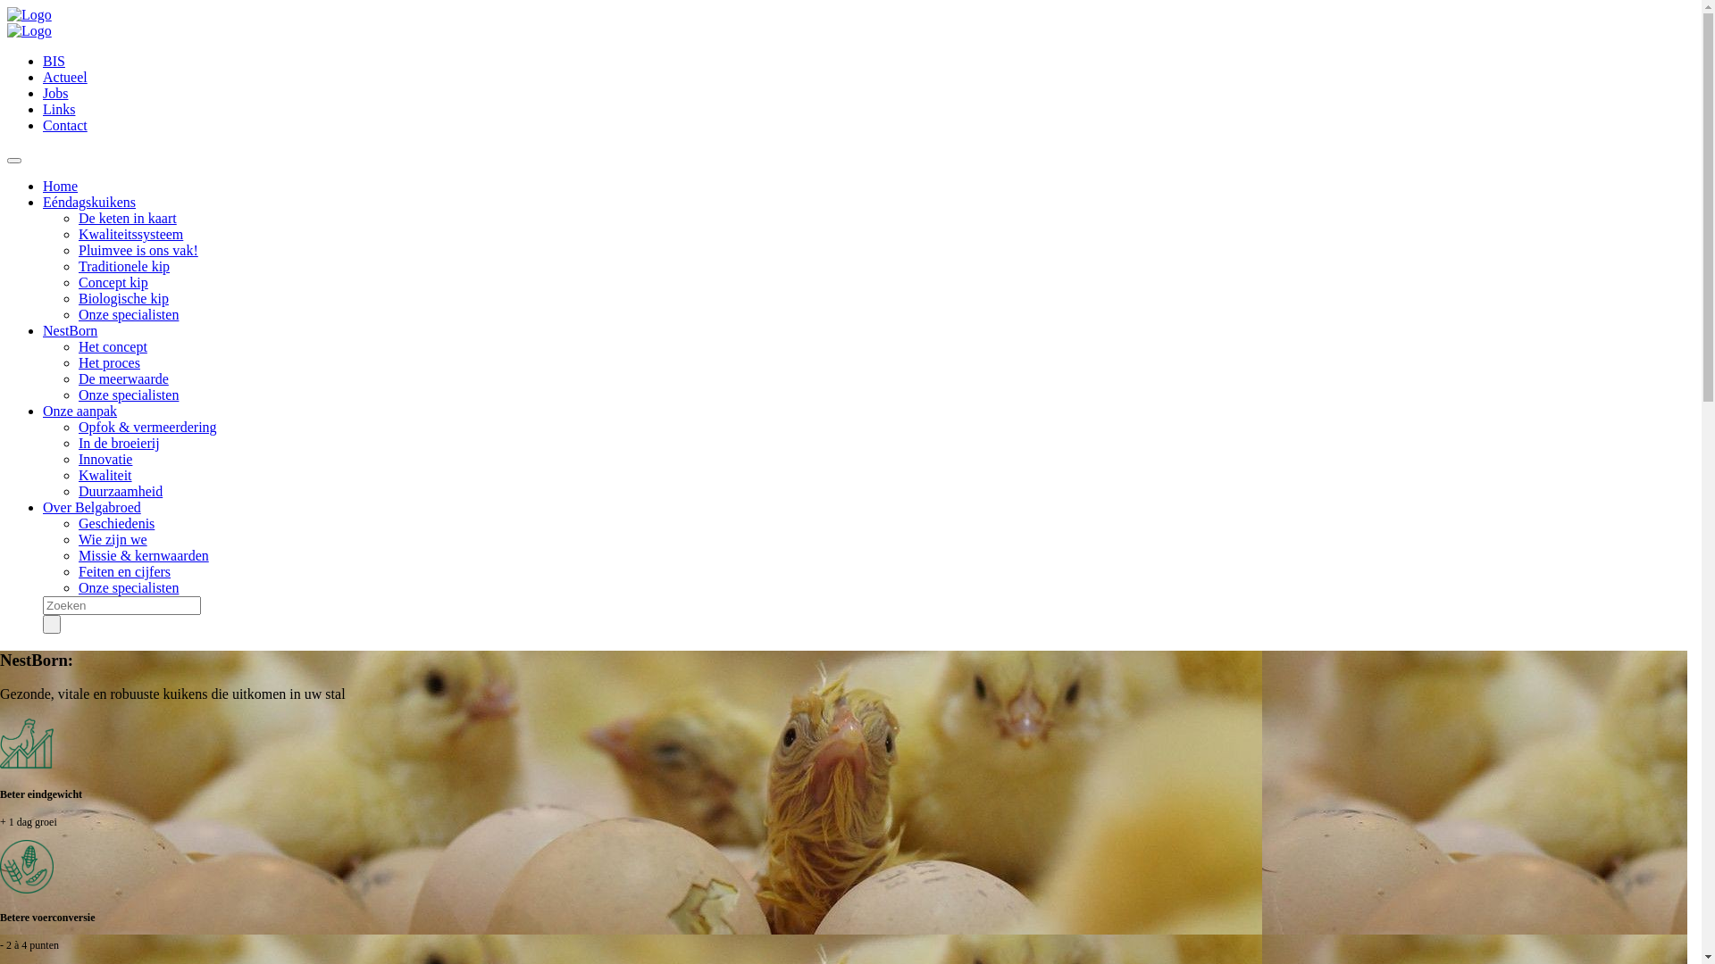  I want to click on 'BIS', so click(54, 60).